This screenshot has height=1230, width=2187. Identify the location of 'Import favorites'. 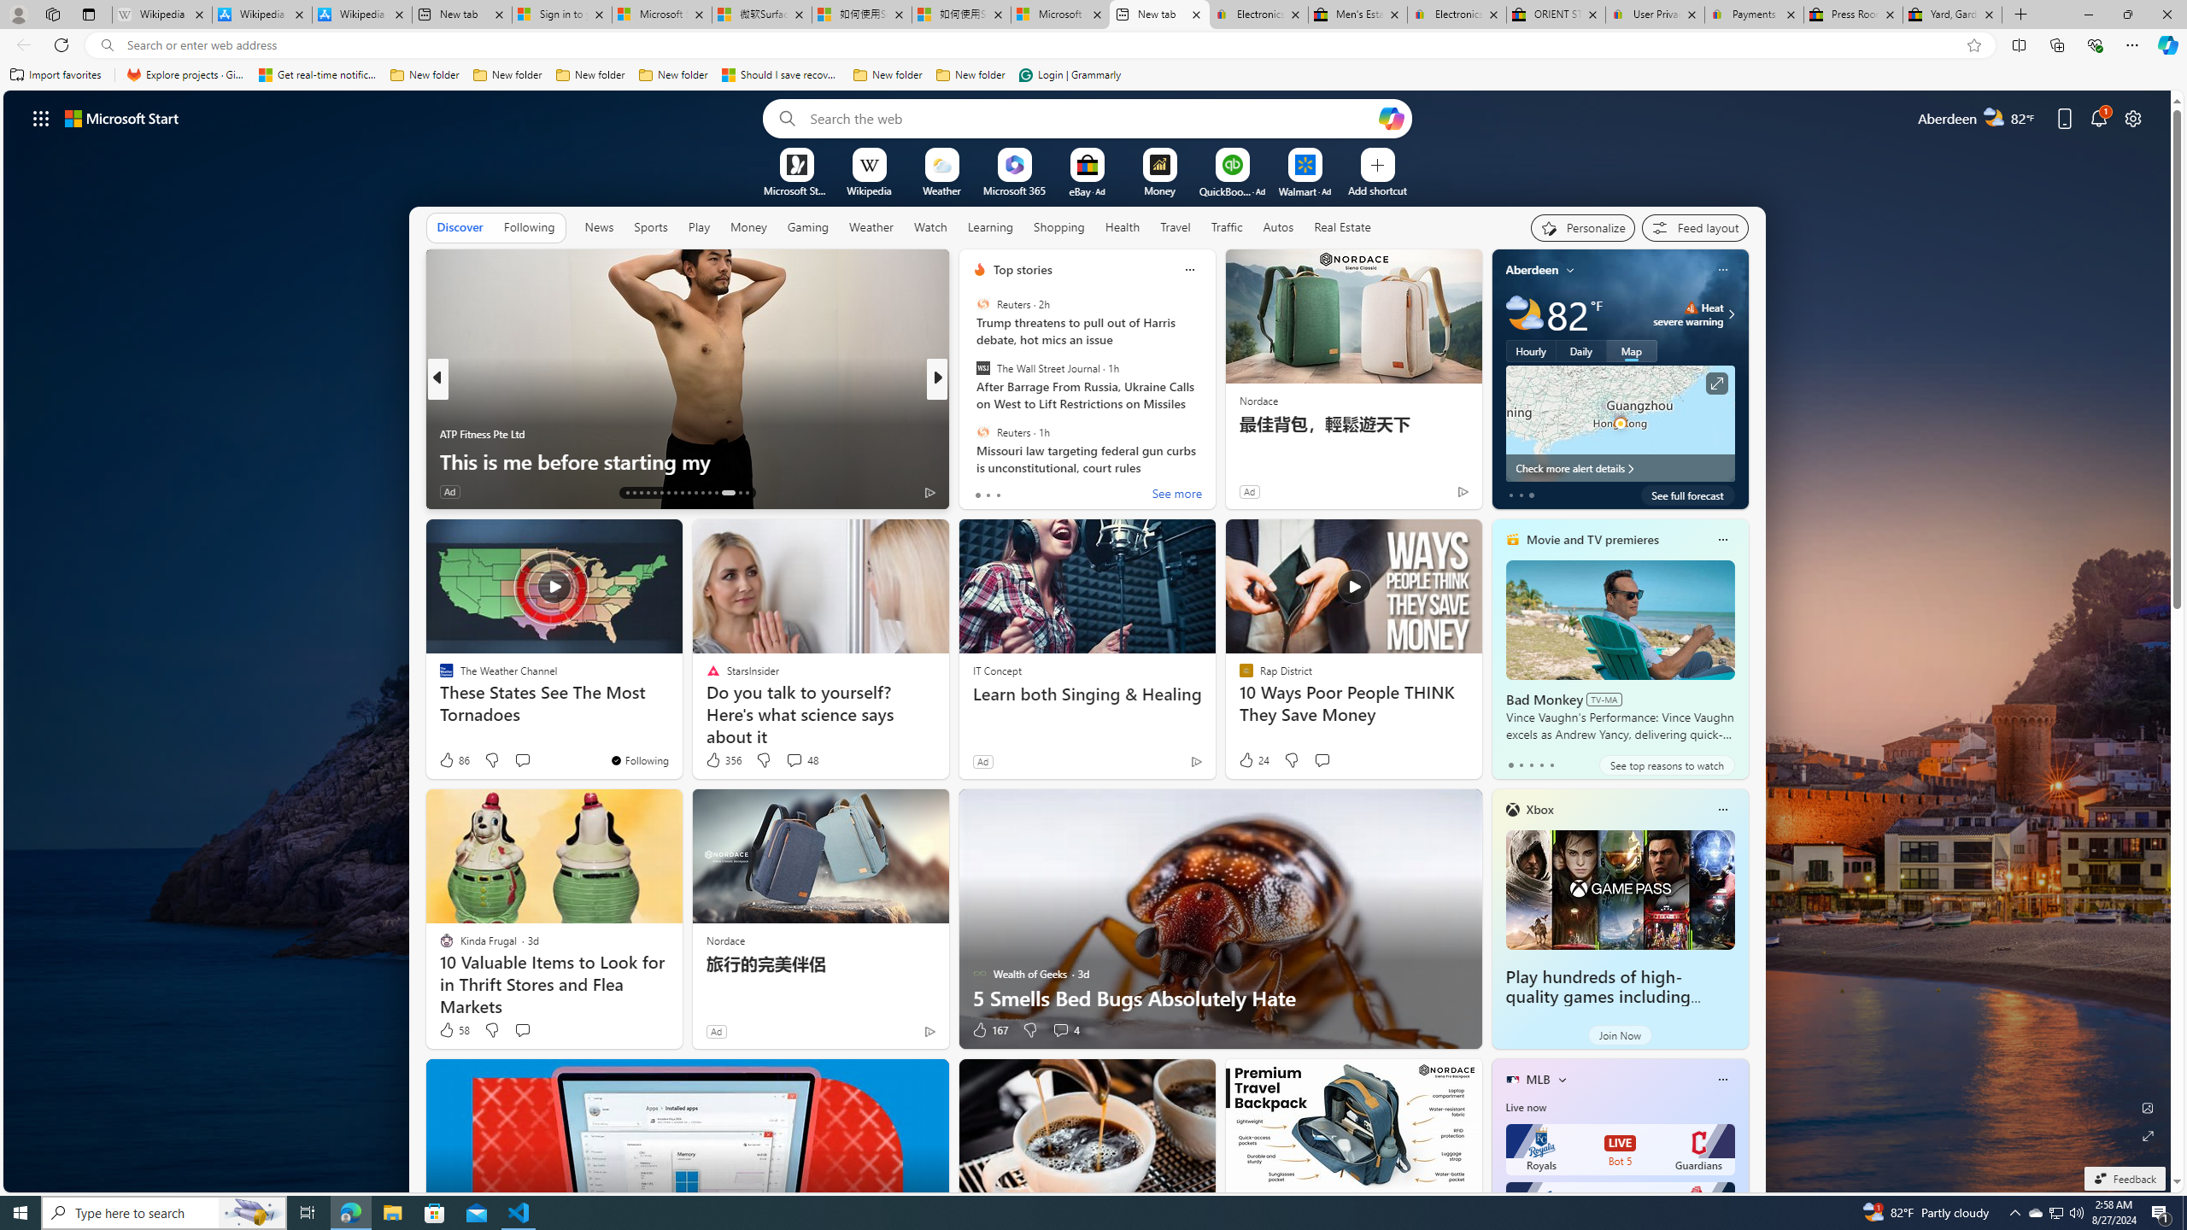
(56, 74).